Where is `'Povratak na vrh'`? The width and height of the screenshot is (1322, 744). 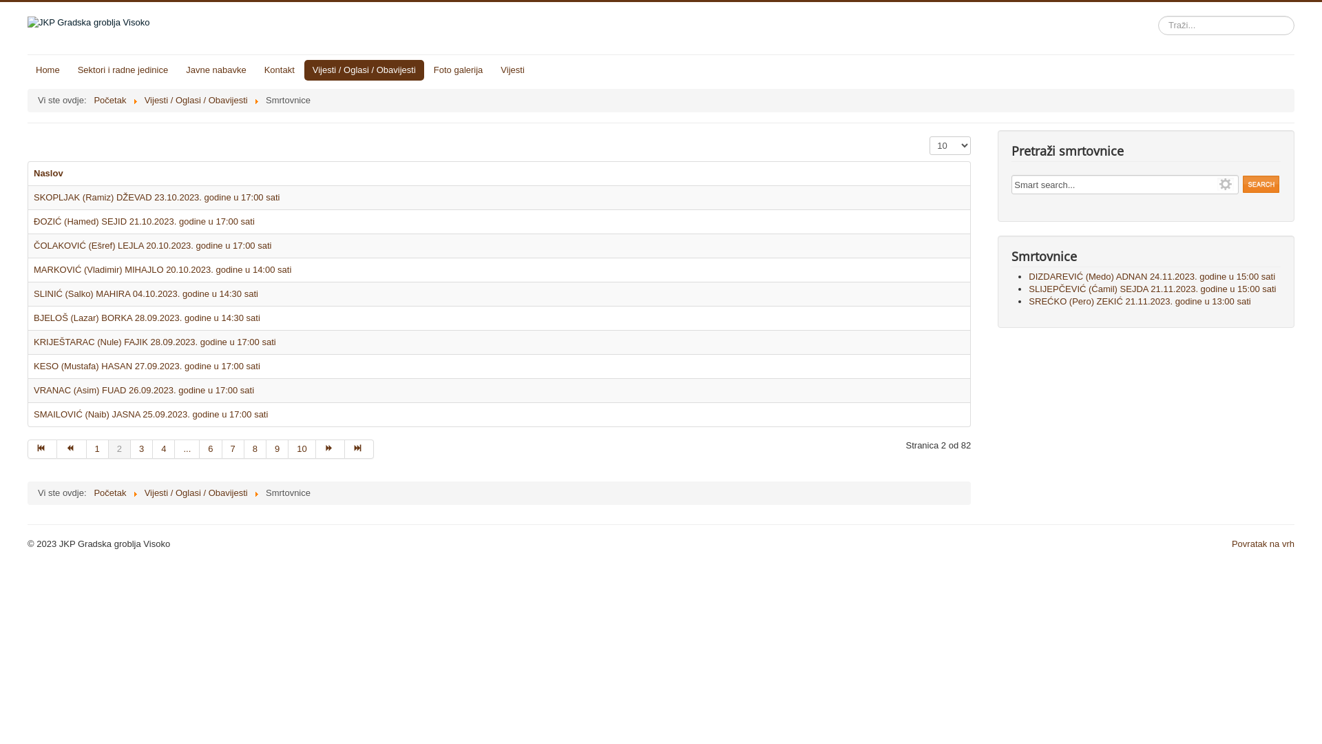 'Povratak na vrh' is located at coordinates (1263, 543).